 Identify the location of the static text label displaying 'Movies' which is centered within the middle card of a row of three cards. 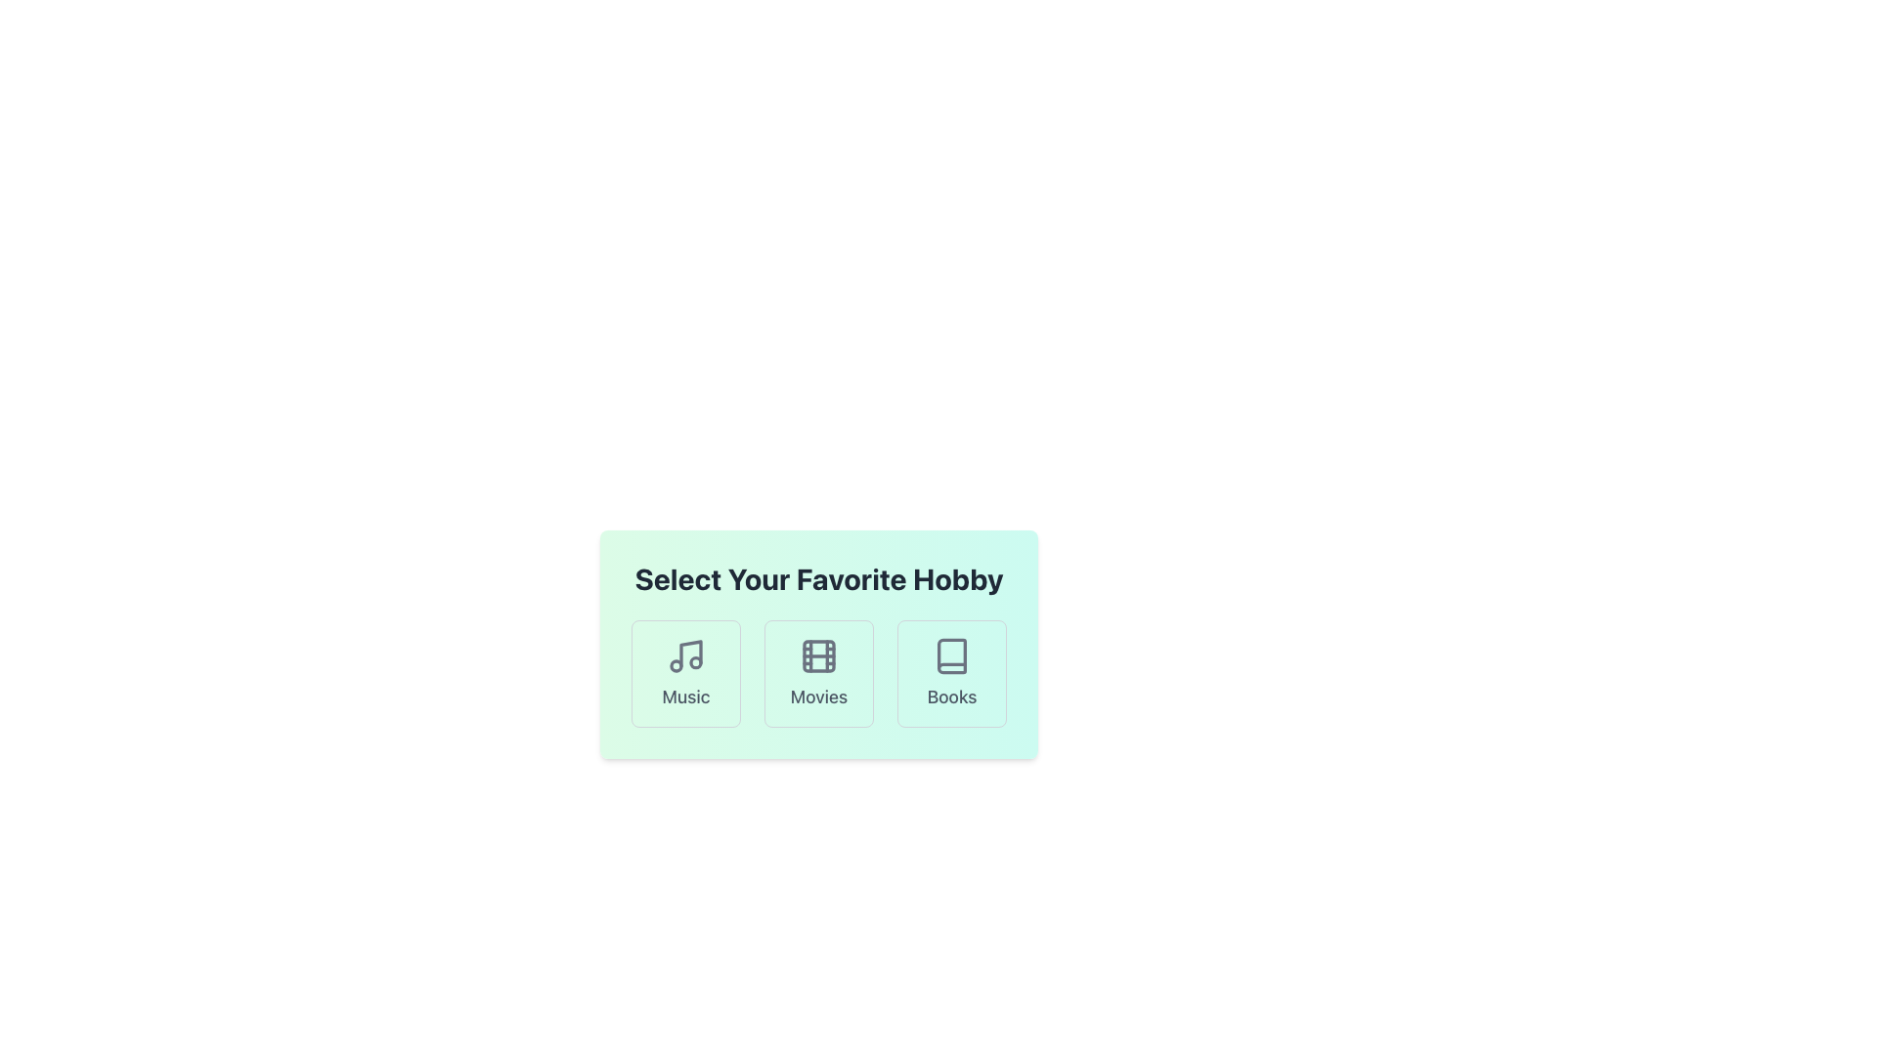
(819, 696).